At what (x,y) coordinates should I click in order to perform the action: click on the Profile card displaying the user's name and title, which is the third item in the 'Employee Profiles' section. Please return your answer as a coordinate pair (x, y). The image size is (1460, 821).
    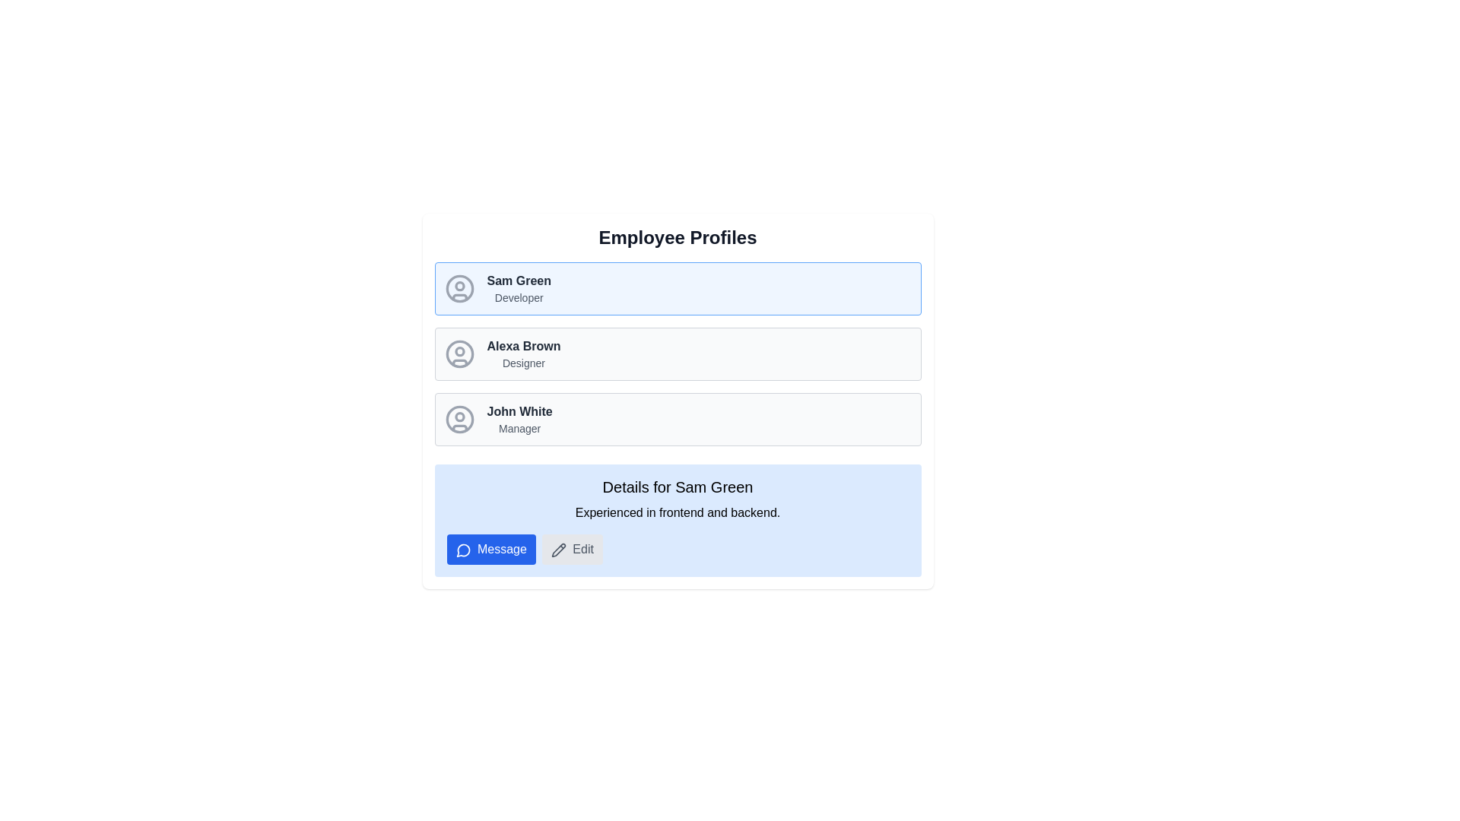
    Looking at the image, I should click on (677, 401).